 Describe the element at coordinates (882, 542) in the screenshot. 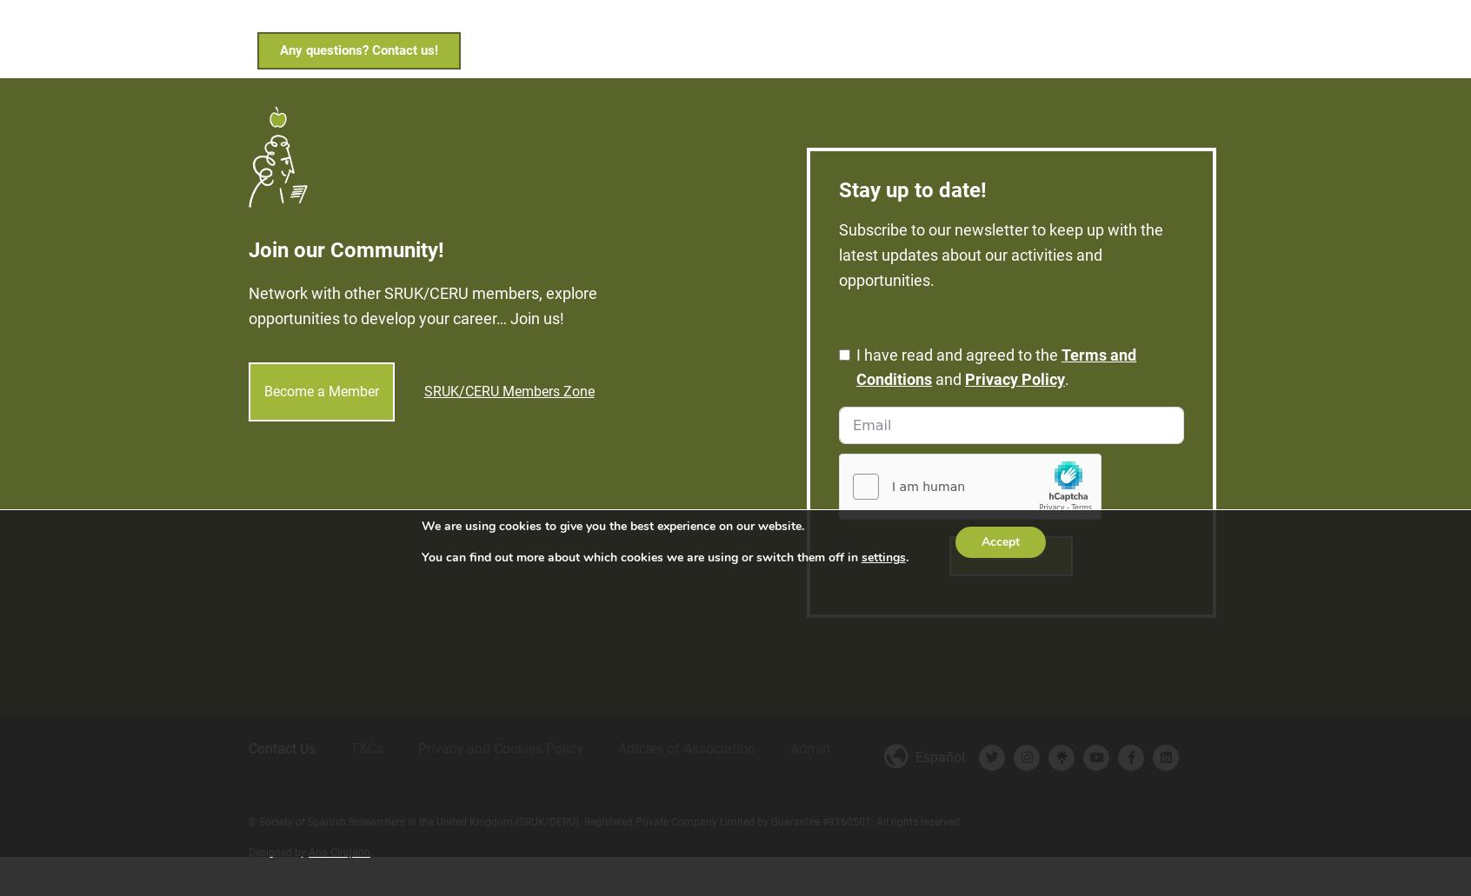

I see `'settings'` at that location.